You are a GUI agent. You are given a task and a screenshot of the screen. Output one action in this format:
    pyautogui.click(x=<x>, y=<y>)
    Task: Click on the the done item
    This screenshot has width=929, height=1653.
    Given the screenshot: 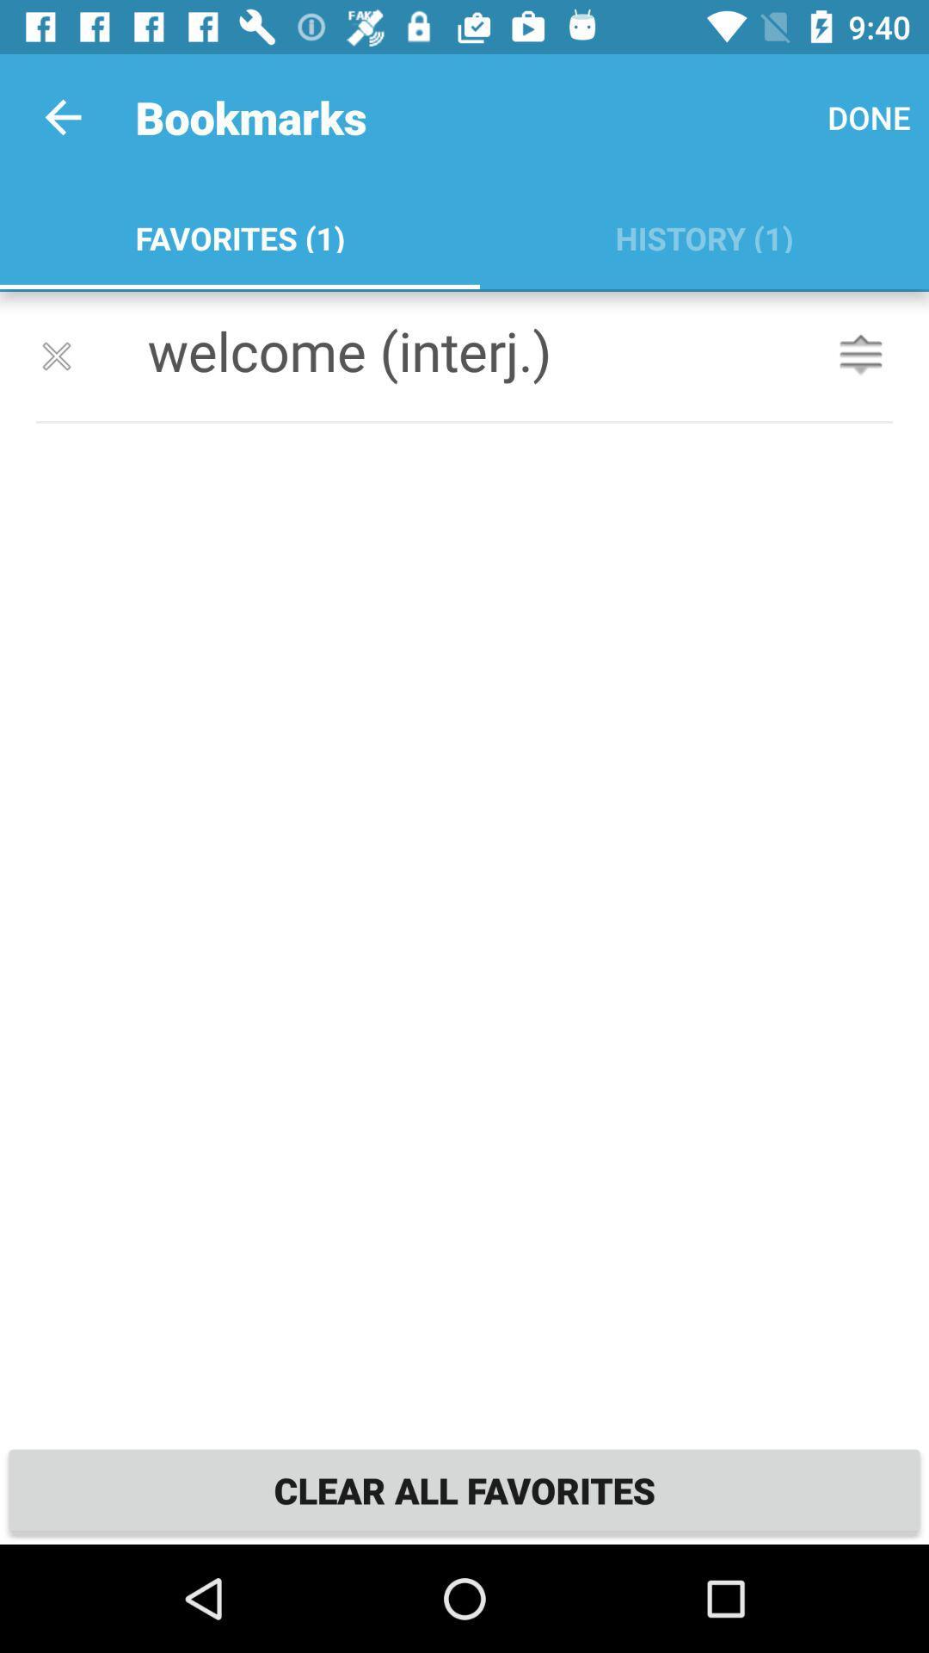 What is the action you would take?
    pyautogui.click(x=869, y=116)
    